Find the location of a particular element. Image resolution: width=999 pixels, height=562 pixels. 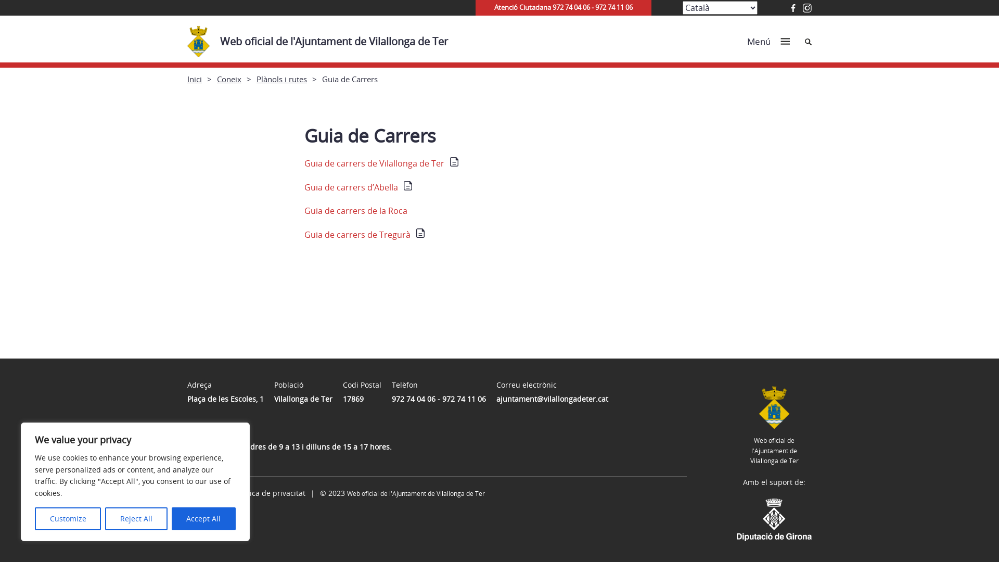

'Coneix' is located at coordinates (228, 78).